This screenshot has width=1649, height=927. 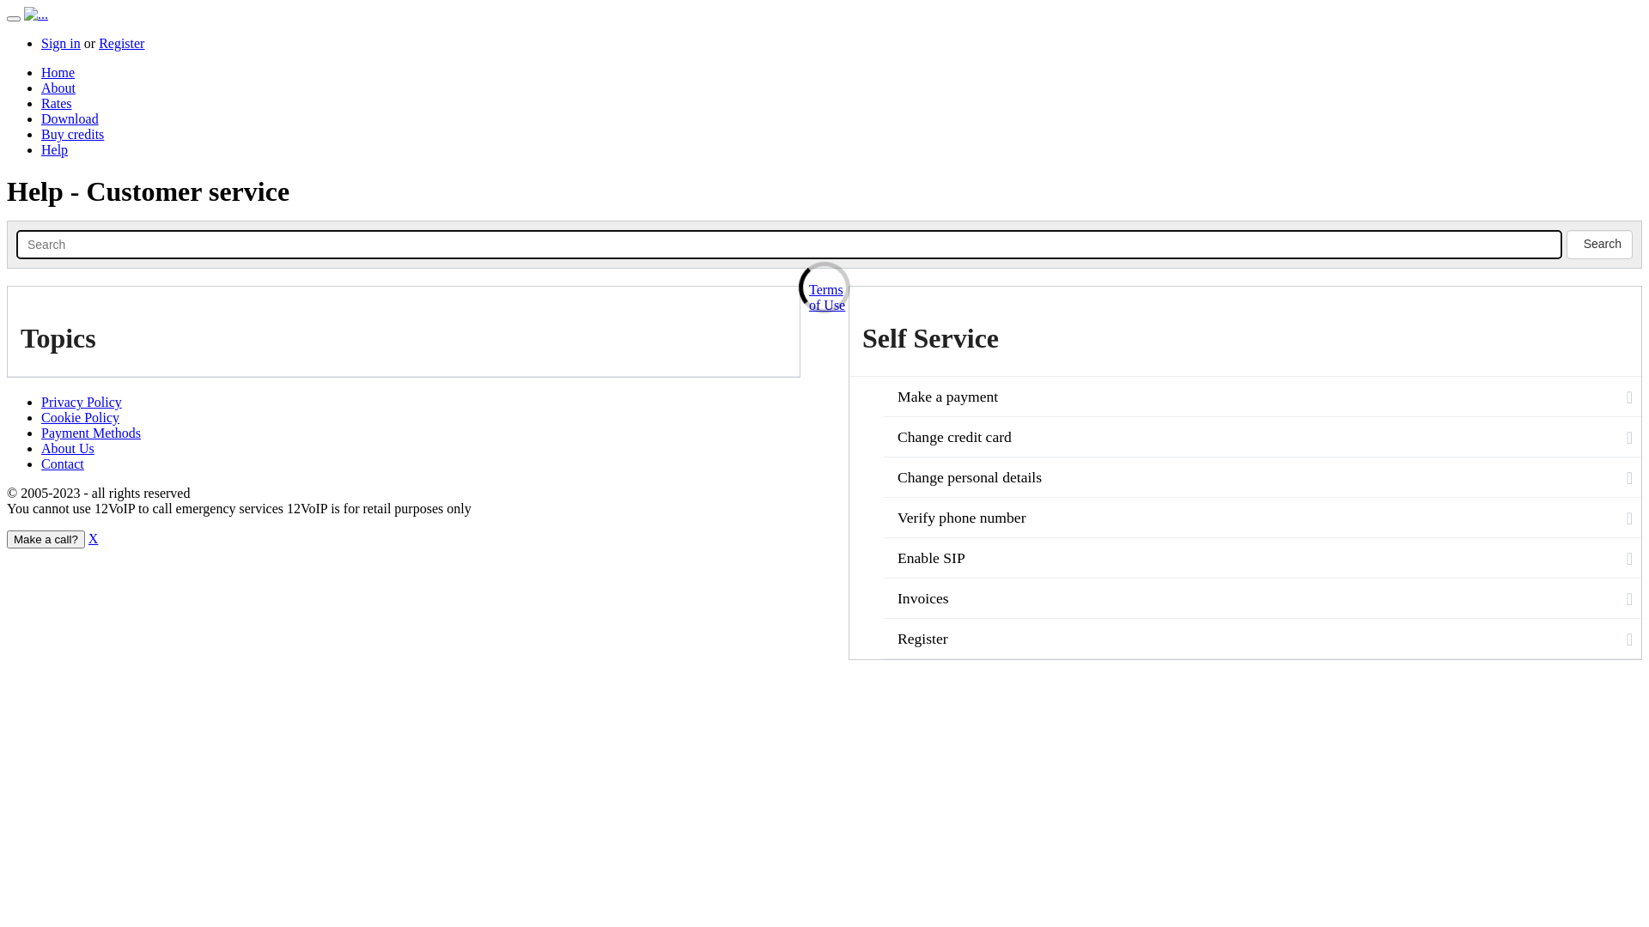 What do you see at coordinates (93, 537) in the screenshot?
I see `'X'` at bounding box center [93, 537].